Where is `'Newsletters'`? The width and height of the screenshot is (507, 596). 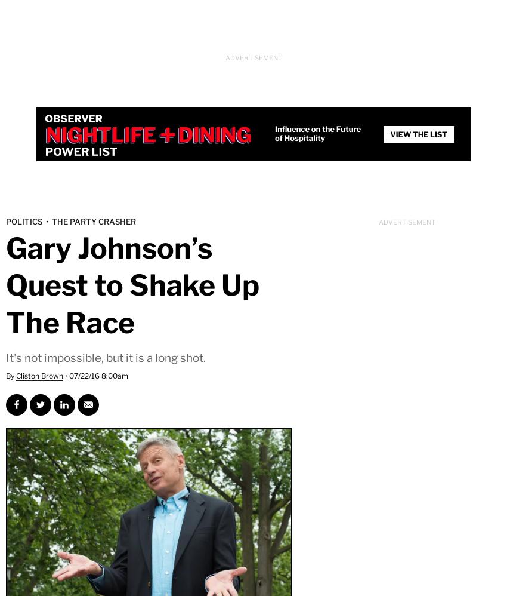
'Newsletters' is located at coordinates (415, 20).